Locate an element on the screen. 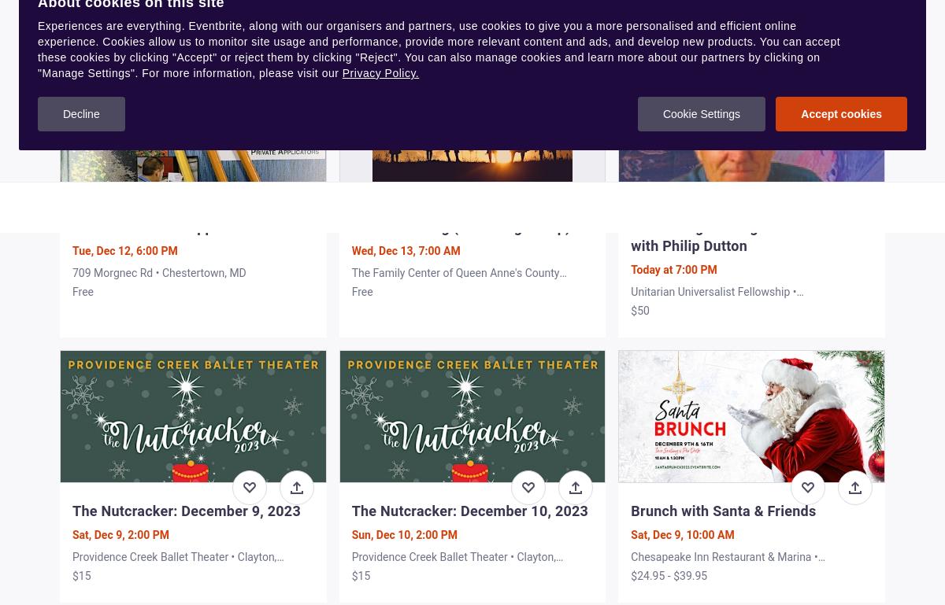 This screenshot has width=945, height=605. '$20' is located at coordinates (81, 25).